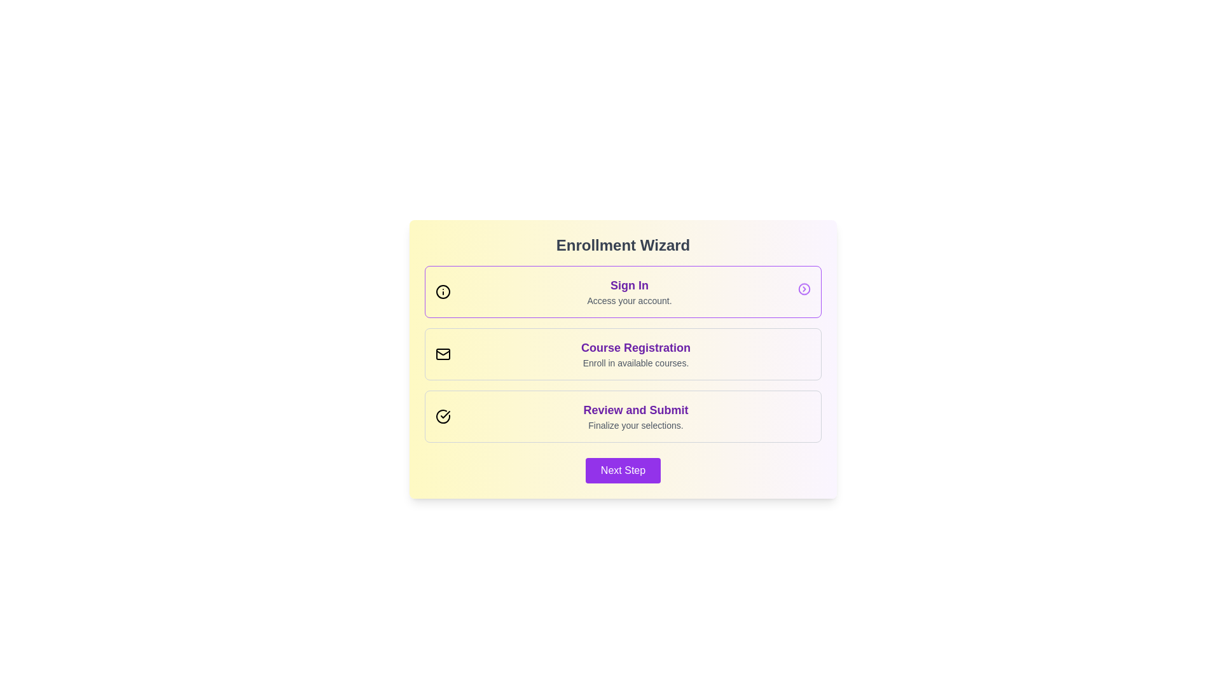  Describe the element at coordinates (635, 425) in the screenshot. I see `the static text label providing additional information for the 'Review and Submit' section, located at the bottom-right corner of the section and centrally aligned below the heading` at that location.